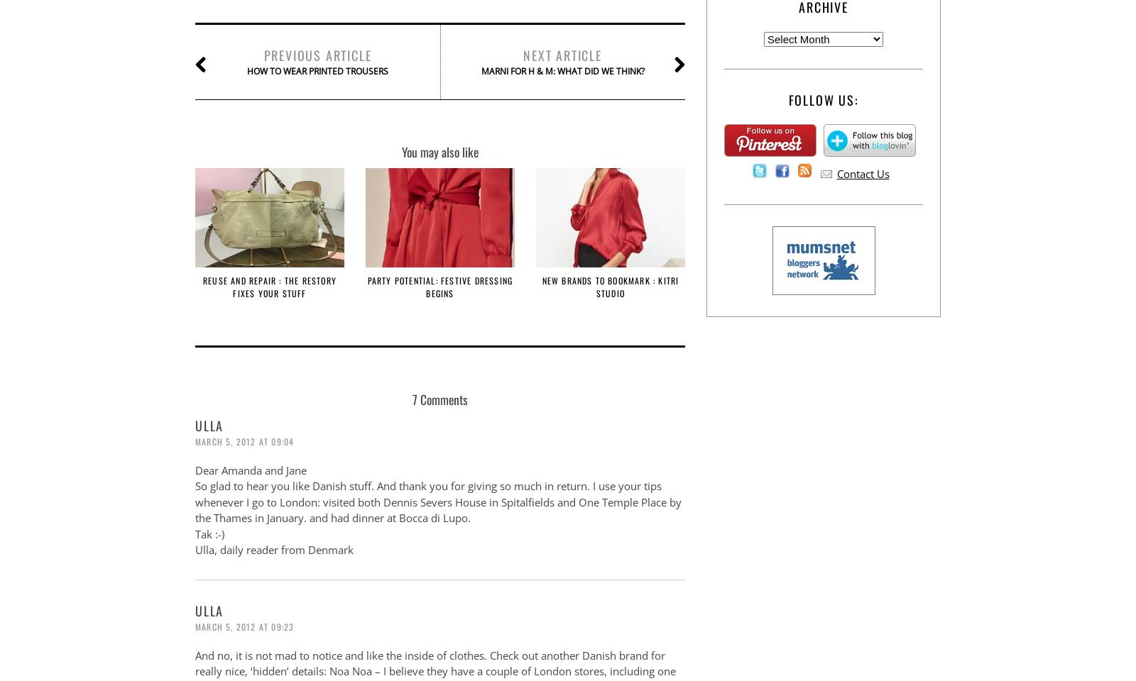 This screenshot has height=681, width=1136. I want to click on 'Marni for H & M: what did we think?', so click(562, 71).